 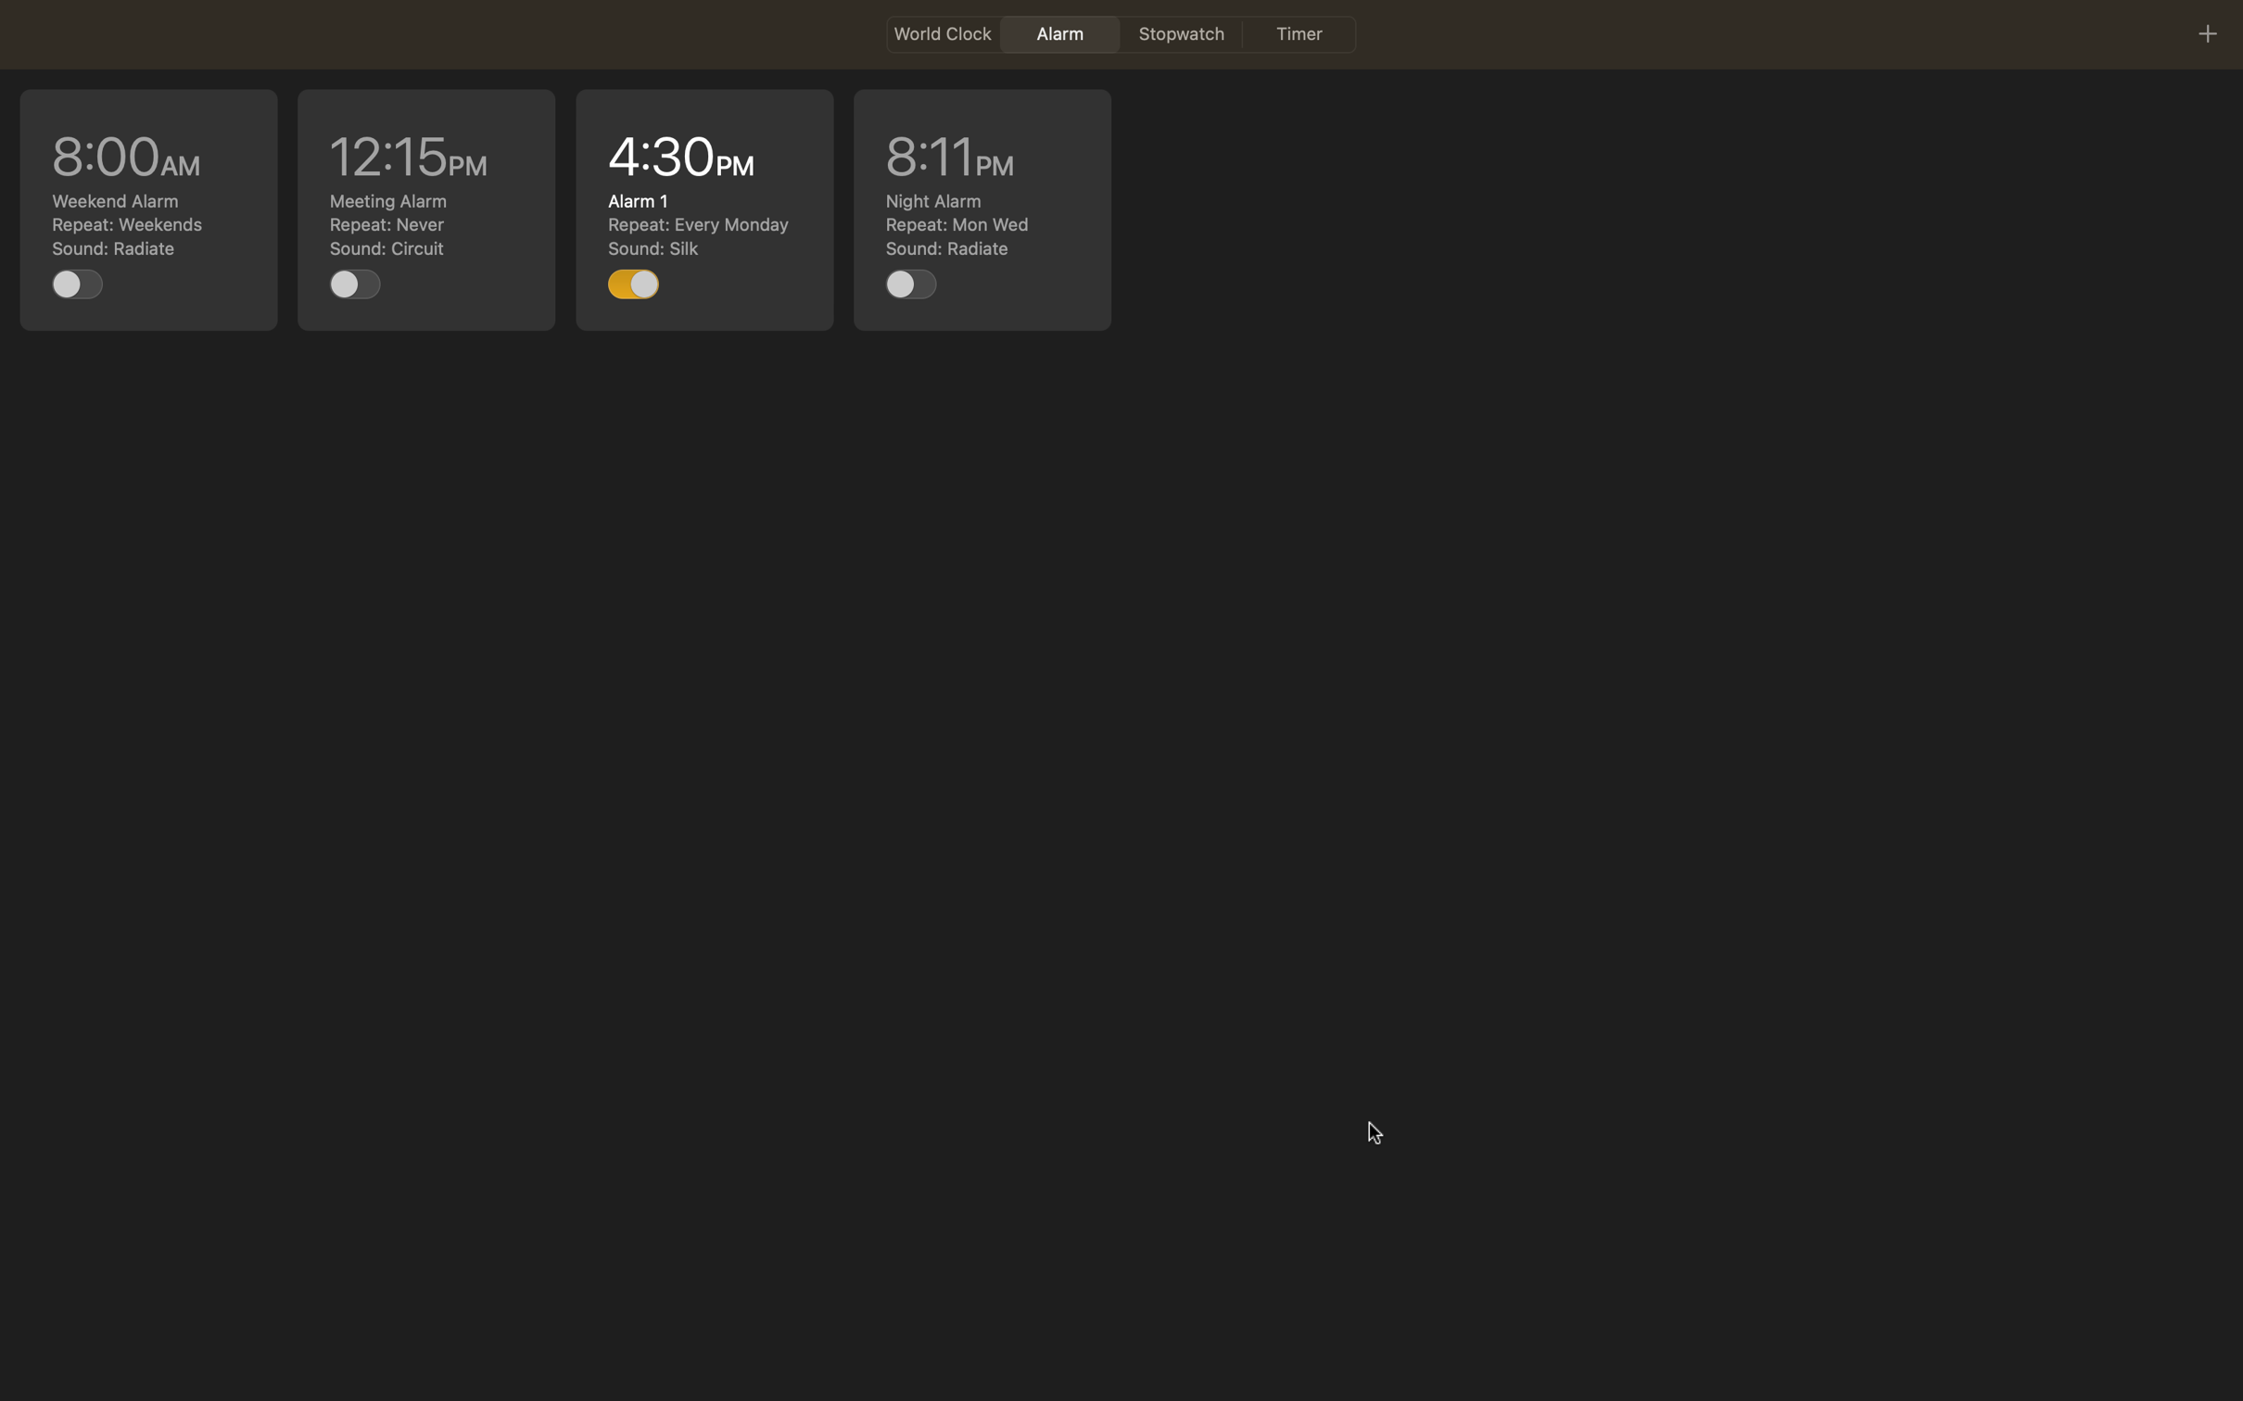 I want to click on Adjust the 12pm alarm settings, so click(x=426, y=208).